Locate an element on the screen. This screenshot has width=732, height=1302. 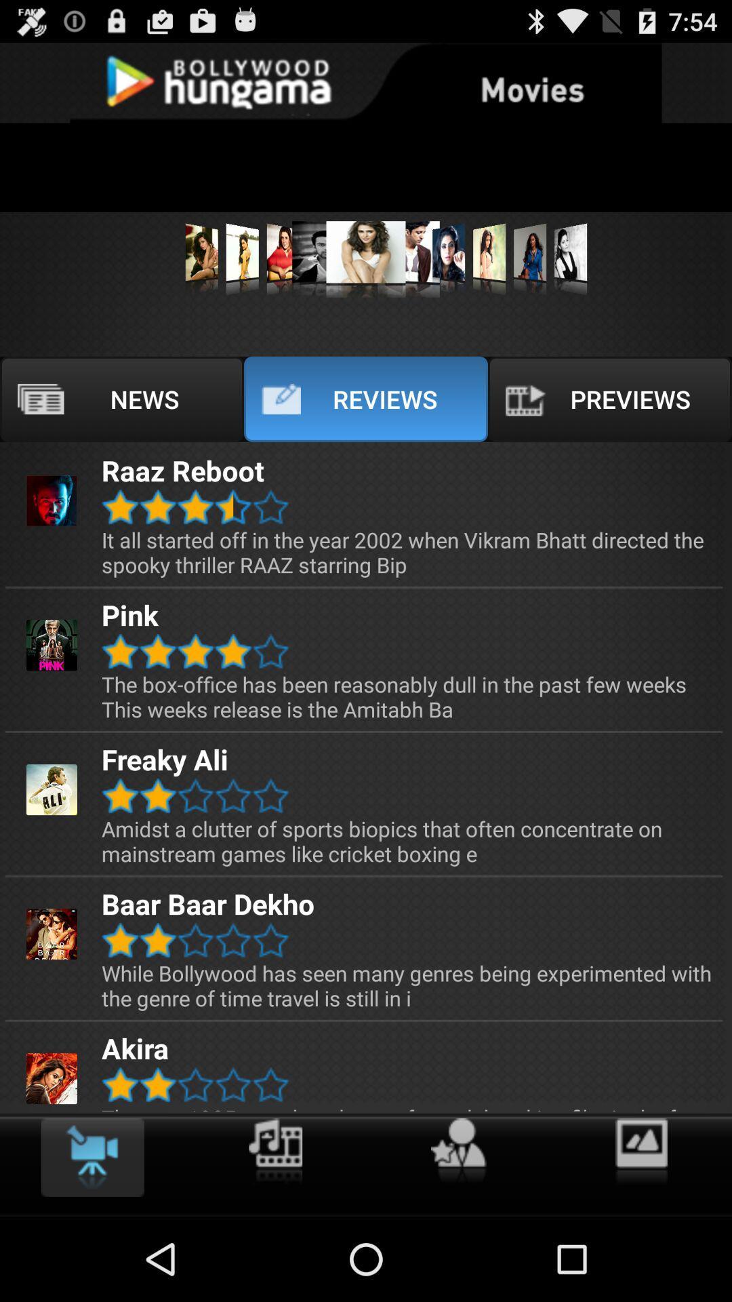
the akira profile is located at coordinates (51, 1078).